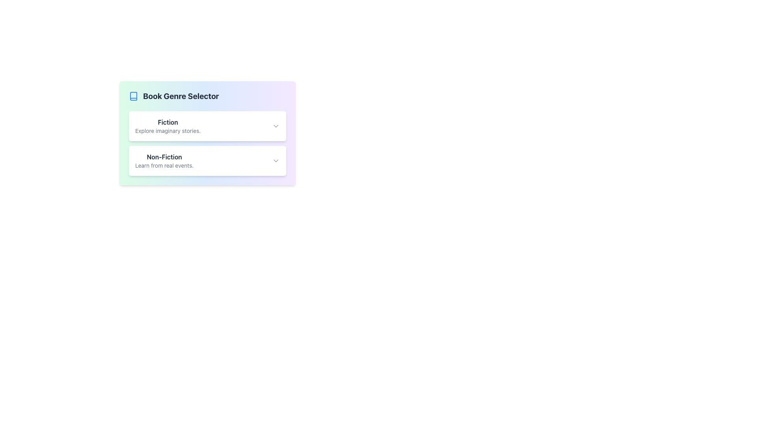  Describe the element at coordinates (134, 95) in the screenshot. I see `the blue book icon located at the top-left corner of the 'Book Genre Selector' section, adjacent to the header text 'Book Genre Selector'` at that location.